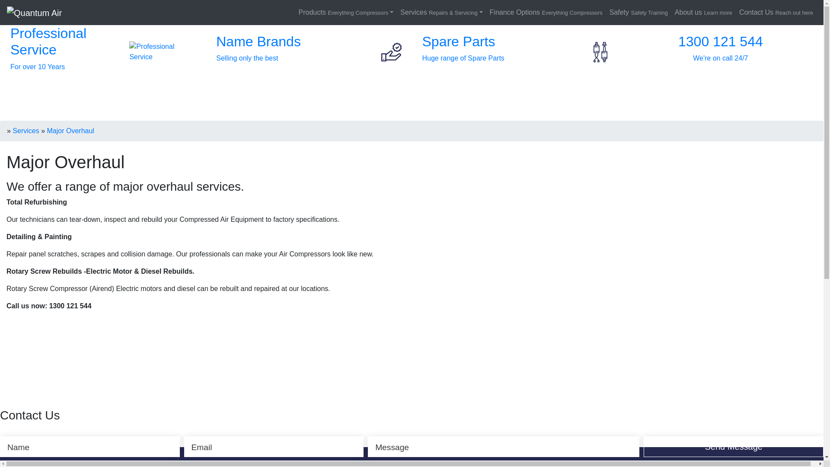 The image size is (830, 467). I want to click on '1300 121 544, so click(720, 52).